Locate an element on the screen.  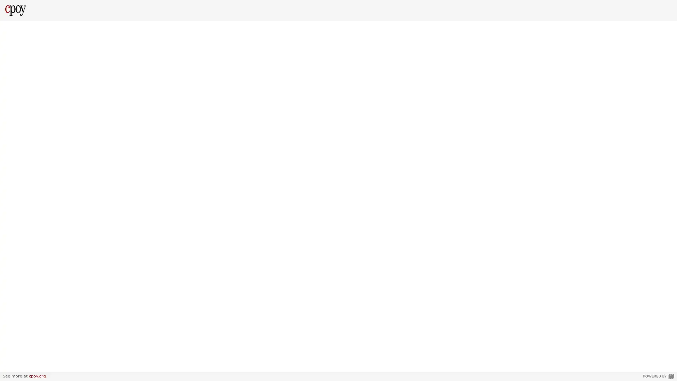
MENU is located at coordinates (12, 364).